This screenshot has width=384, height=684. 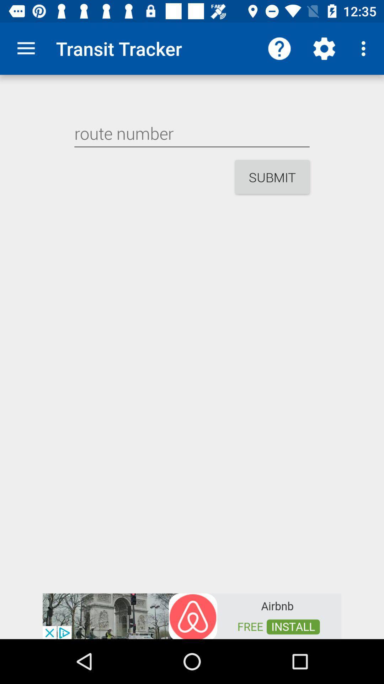 I want to click on click advertisement, so click(x=192, y=615).